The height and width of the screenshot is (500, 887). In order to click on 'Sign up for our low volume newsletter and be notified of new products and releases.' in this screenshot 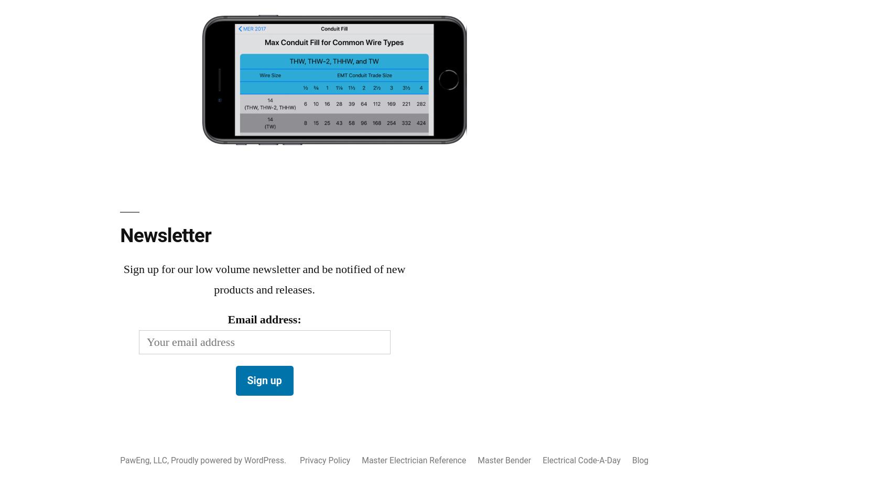, I will do `click(123, 278)`.